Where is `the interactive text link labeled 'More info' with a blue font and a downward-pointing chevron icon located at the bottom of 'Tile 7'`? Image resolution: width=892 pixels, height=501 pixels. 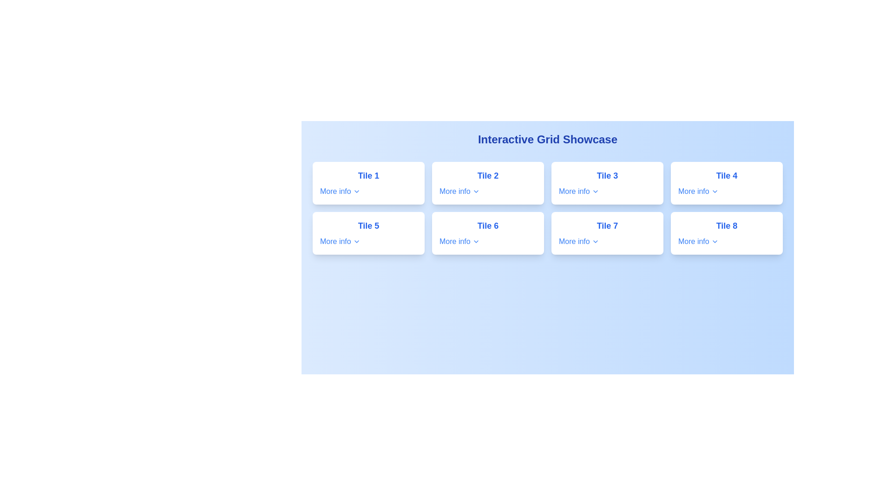 the interactive text link labeled 'More info' with a blue font and a downward-pointing chevron icon located at the bottom of 'Tile 7' is located at coordinates (578, 241).